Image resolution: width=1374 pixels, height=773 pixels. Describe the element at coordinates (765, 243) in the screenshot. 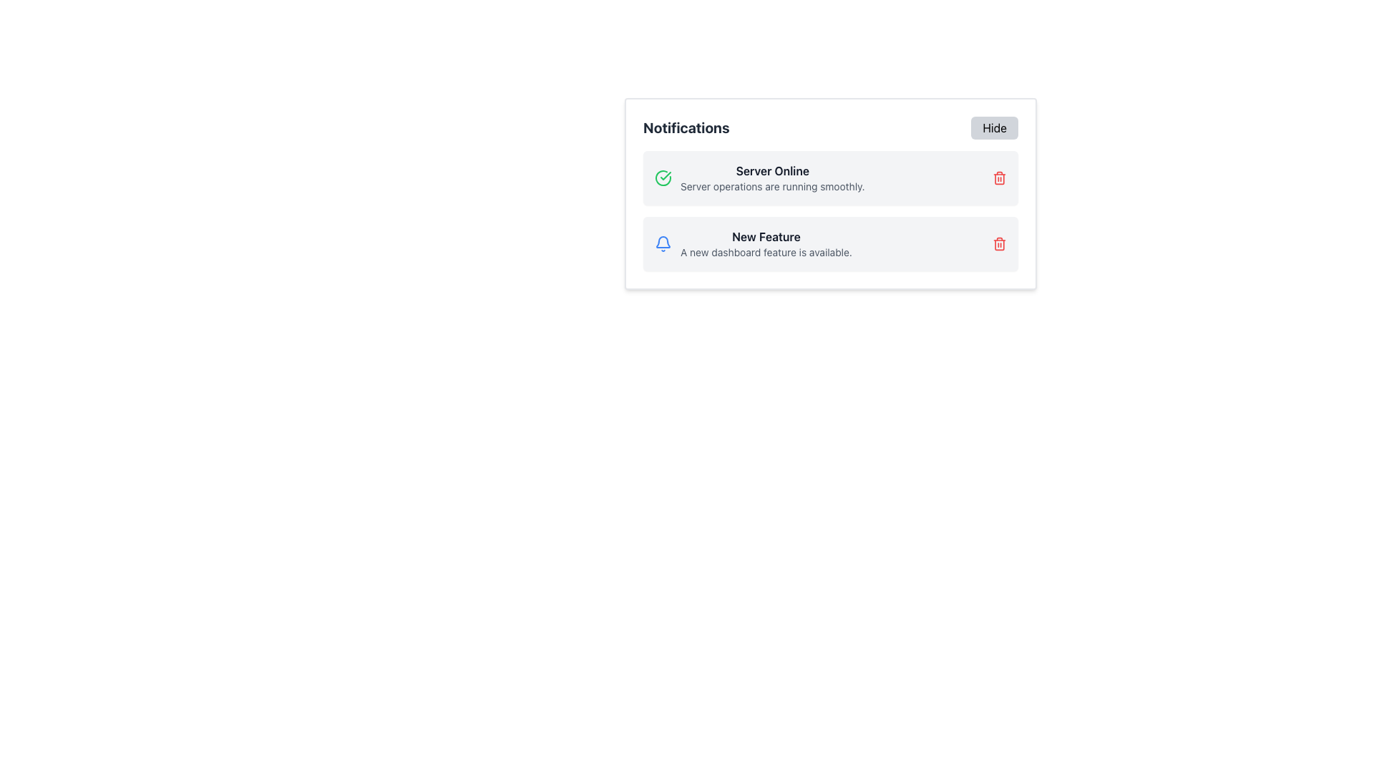

I see `the Text Description Block that displays 'New Feature' and 'A new dashboard feature is available.' This block is located in the lower notification item of the 'Notifications' section, to the right of the bell icon and above the red delete icon` at that location.